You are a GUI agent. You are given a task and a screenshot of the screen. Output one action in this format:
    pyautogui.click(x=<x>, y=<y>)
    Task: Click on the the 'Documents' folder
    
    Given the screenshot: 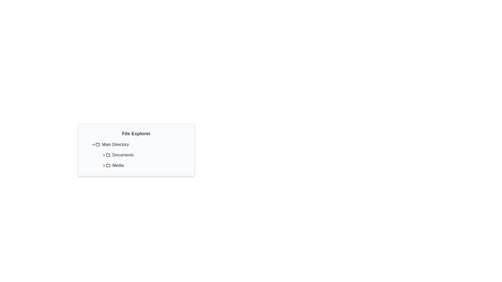 What is the action you would take?
    pyautogui.click(x=138, y=155)
    